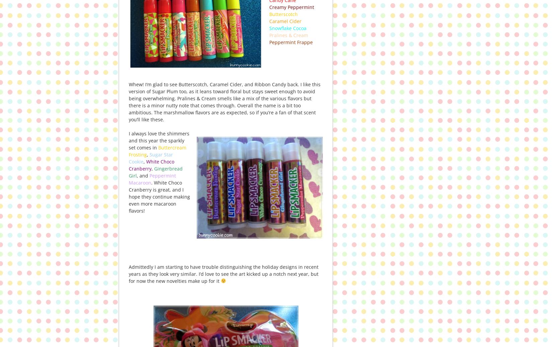 The width and height of the screenshot is (552, 347). Describe the element at coordinates (269, 20) in the screenshot. I see `'Caramel Cider'` at that location.